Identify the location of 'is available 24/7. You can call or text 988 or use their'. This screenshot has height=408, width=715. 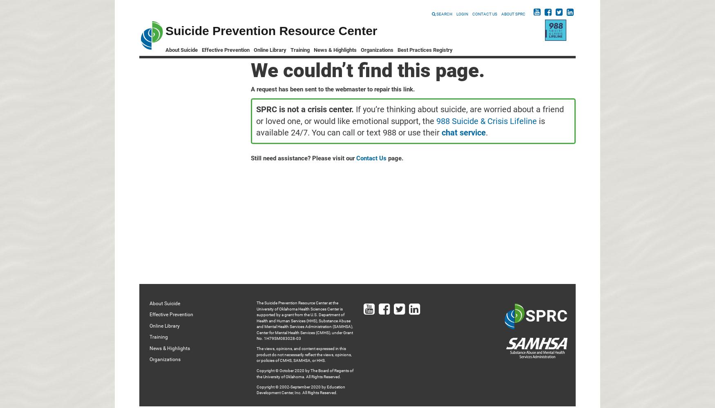
(400, 126).